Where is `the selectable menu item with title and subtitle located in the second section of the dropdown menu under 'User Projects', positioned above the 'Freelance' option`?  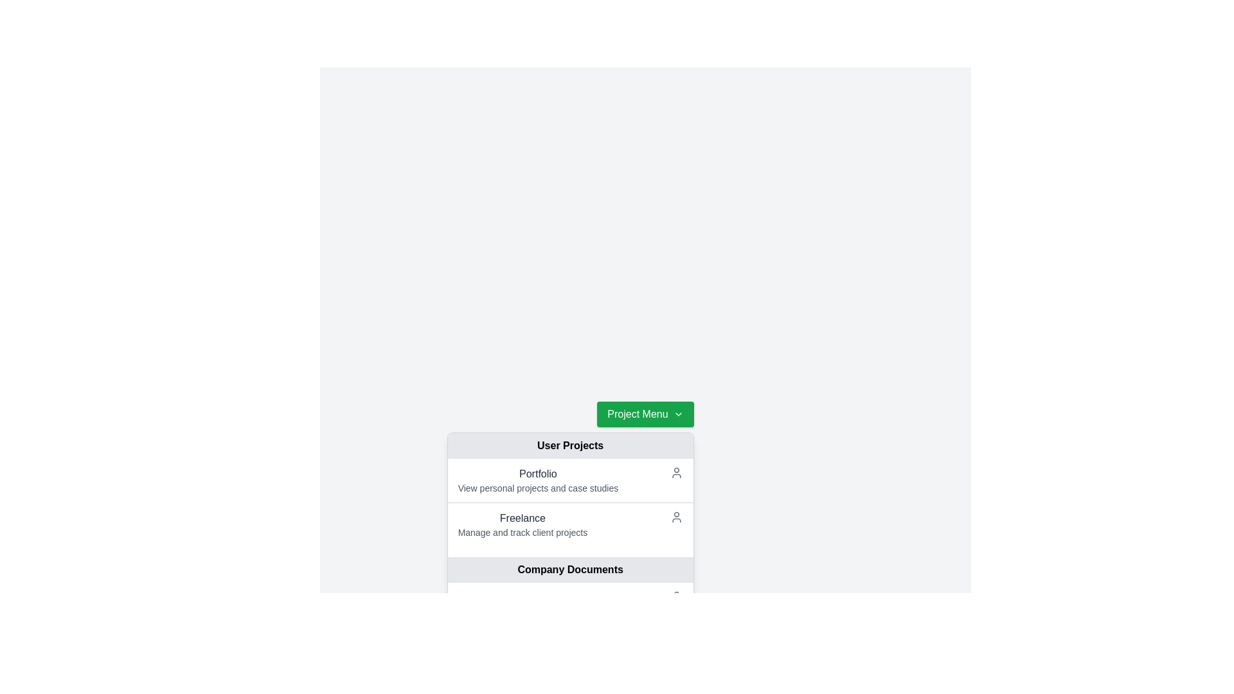
the selectable menu item with title and subtitle located in the second section of the dropdown menu under 'User Projects', positioned above the 'Freelance' option is located at coordinates (538, 481).